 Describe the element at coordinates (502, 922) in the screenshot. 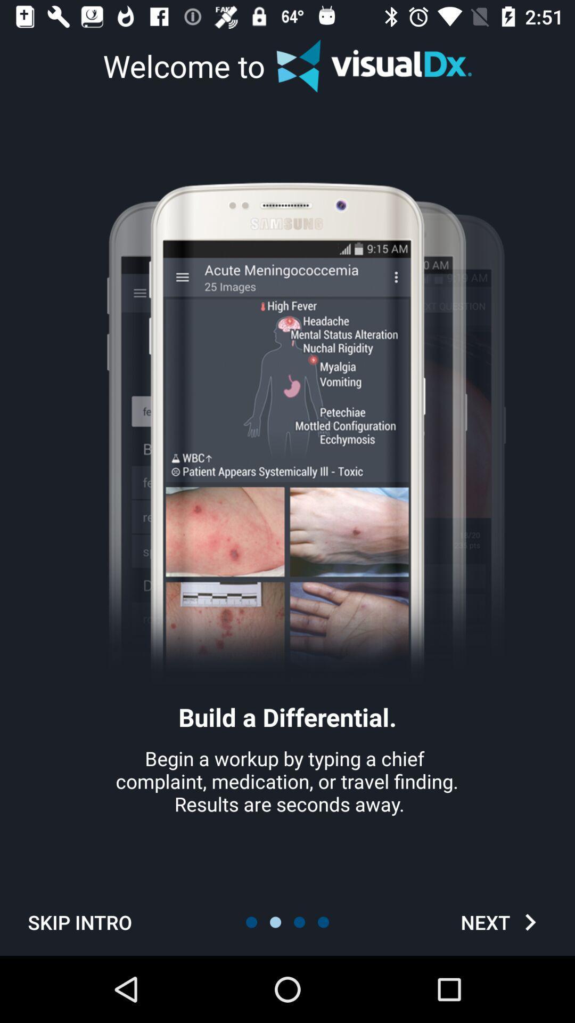

I see `the next` at that location.